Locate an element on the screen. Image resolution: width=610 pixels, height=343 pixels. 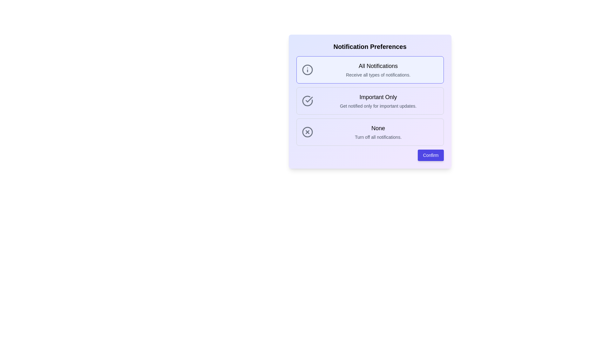
text of the Text Header that serves as the title for the notification preferences section, located at the top-center of the card is located at coordinates (370, 46).